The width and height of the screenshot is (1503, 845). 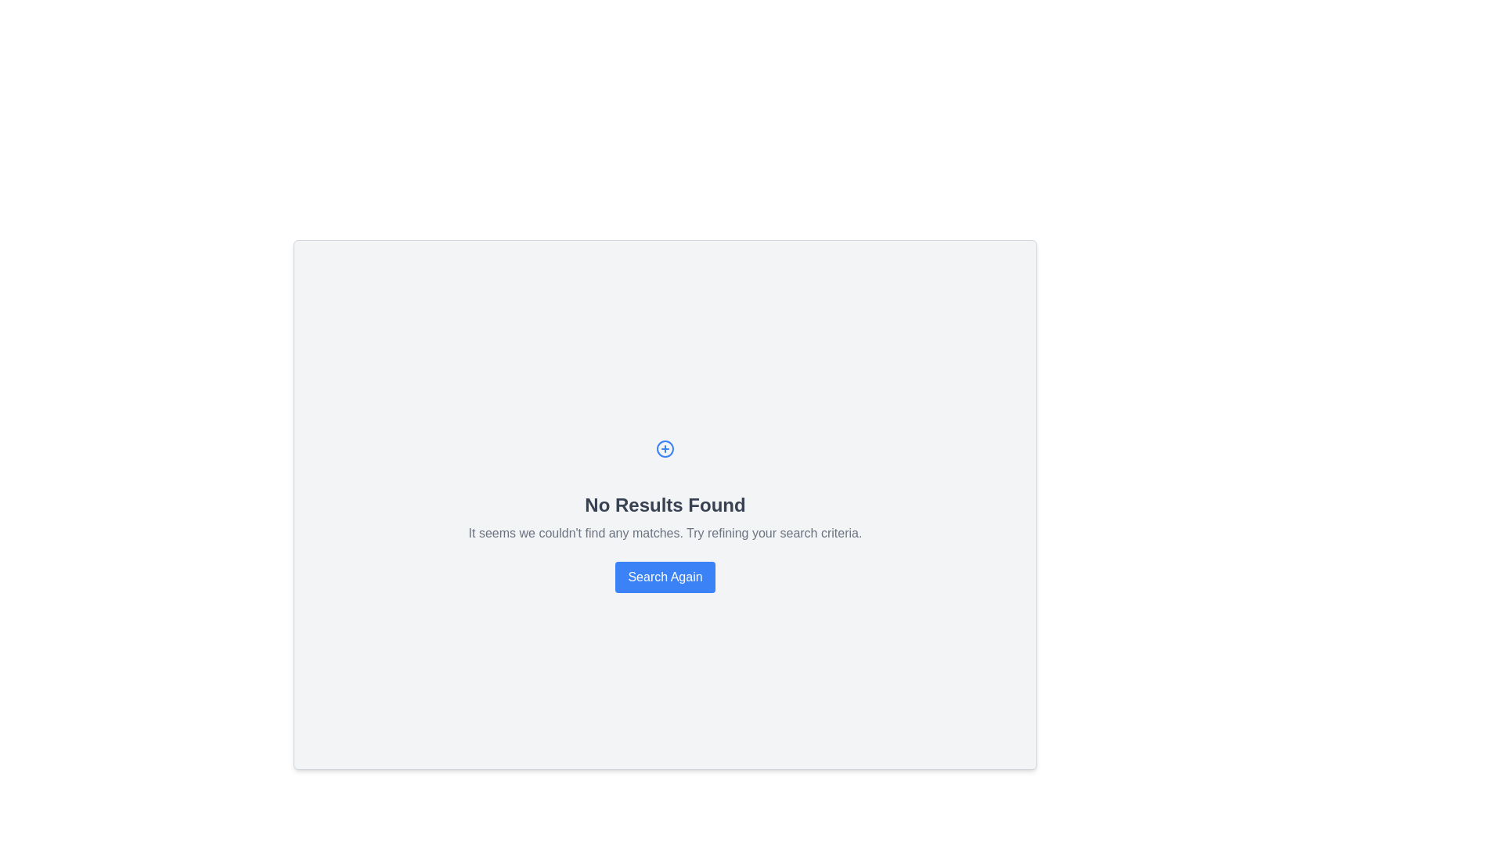 I want to click on the 'Search Again' button, which is a rectangular button with white text on a blue background, located below the message indicating no matches were found, so click(x=665, y=577).